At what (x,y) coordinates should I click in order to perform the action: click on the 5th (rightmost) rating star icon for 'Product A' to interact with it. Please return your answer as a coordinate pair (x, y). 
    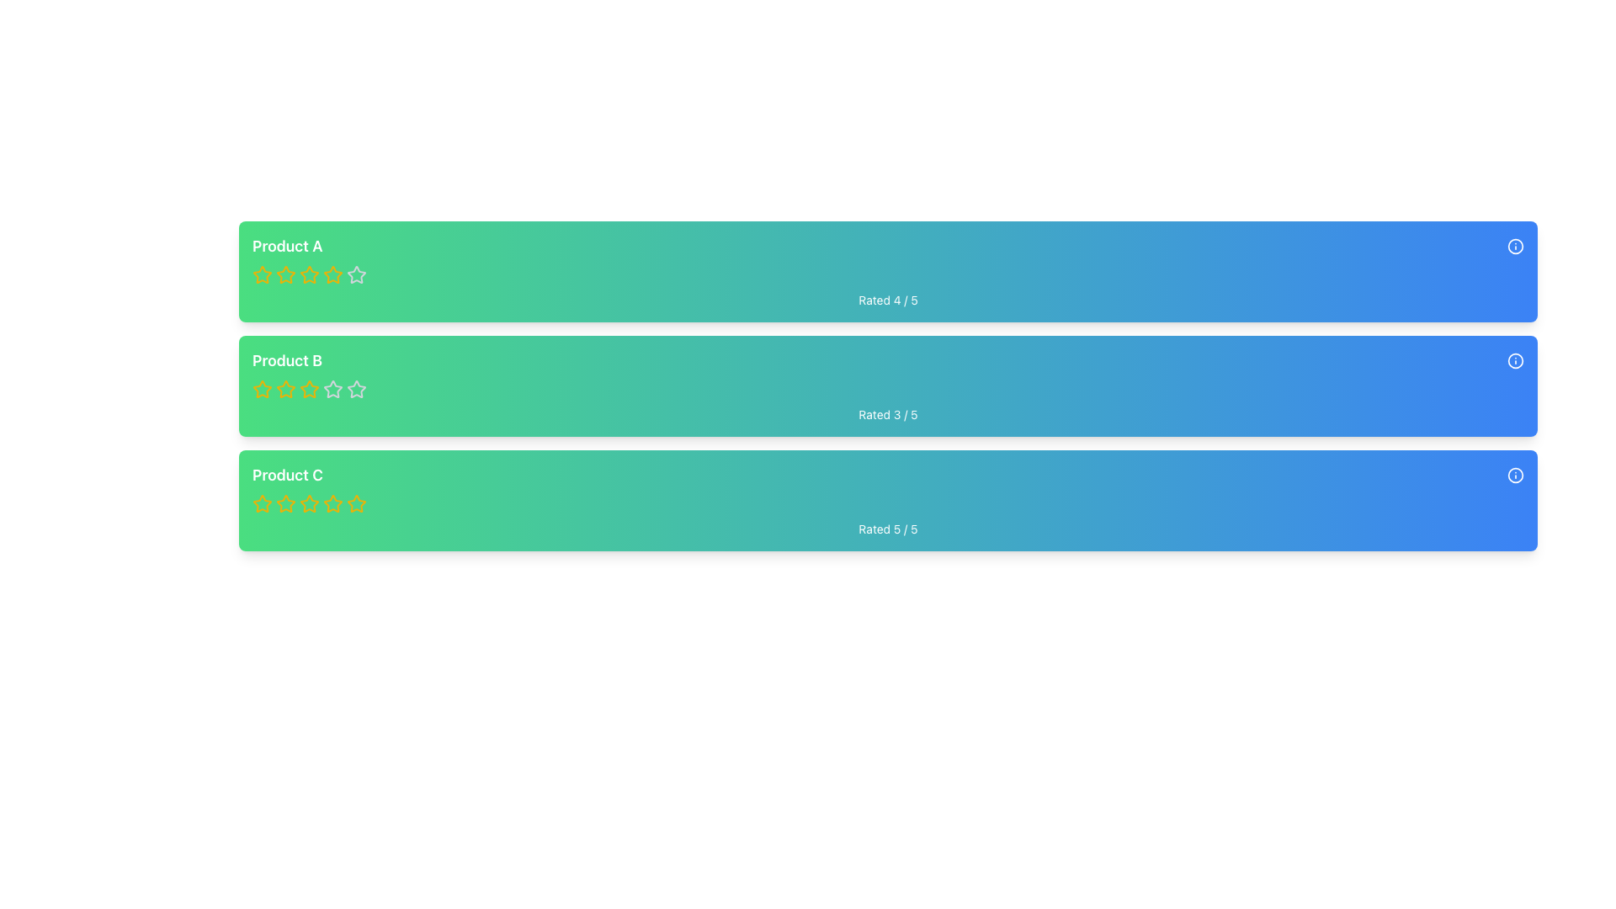
    Looking at the image, I should click on (355, 274).